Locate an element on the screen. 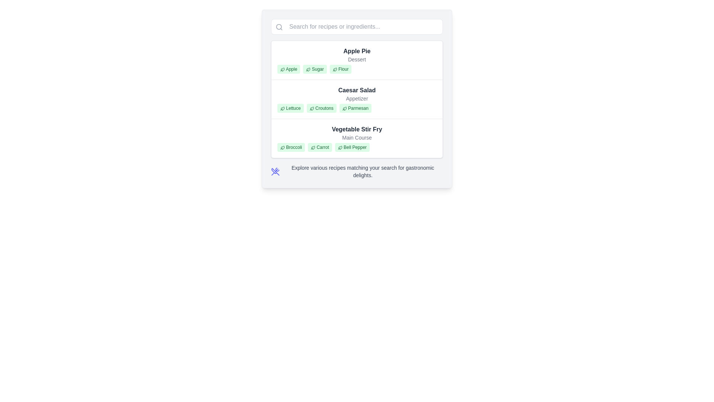 The image size is (714, 402). the green leaf-shaped SVG icon located on the right-hand side of the badge displaying 'Parmesan' under the 'Caesar Salad' recipe is located at coordinates (344, 108).